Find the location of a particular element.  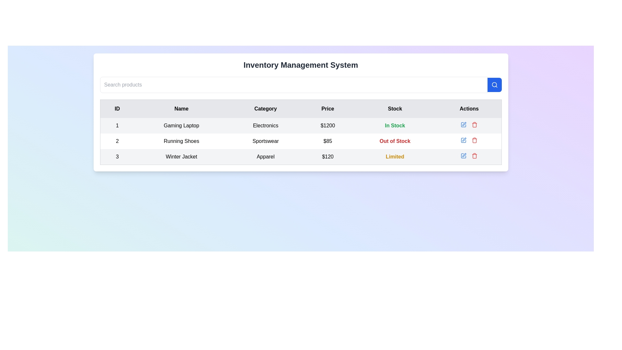

the Text label that indicates the ID or serial number of the corresponding table entry, located in the first cell of the first row of the table is located at coordinates (117, 126).